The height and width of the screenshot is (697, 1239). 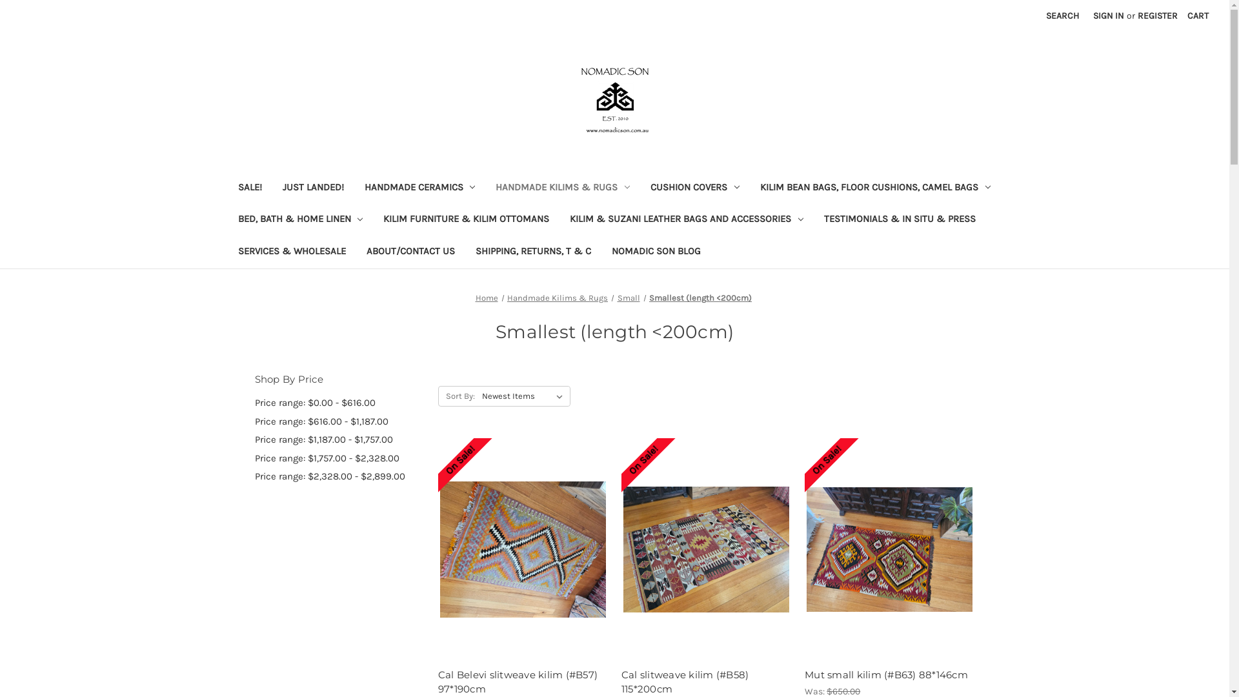 What do you see at coordinates (419, 188) in the screenshot?
I see `'HANDMADE CERAMICS'` at bounding box center [419, 188].